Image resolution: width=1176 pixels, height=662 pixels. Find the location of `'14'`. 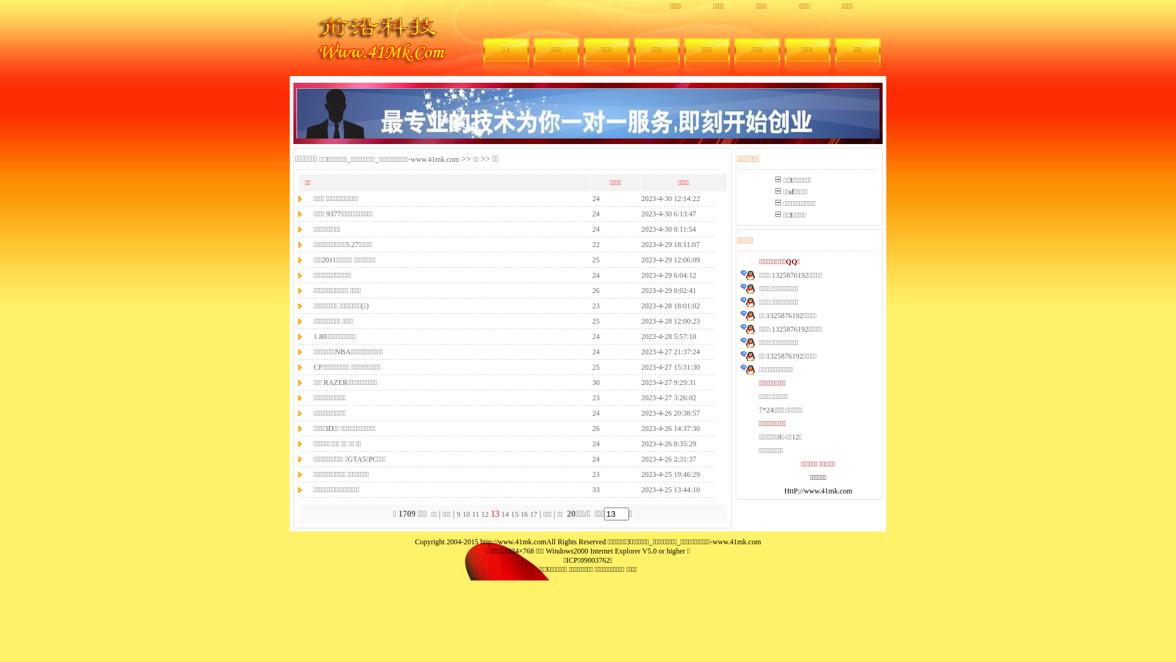

'14' is located at coordinates (505, 514).